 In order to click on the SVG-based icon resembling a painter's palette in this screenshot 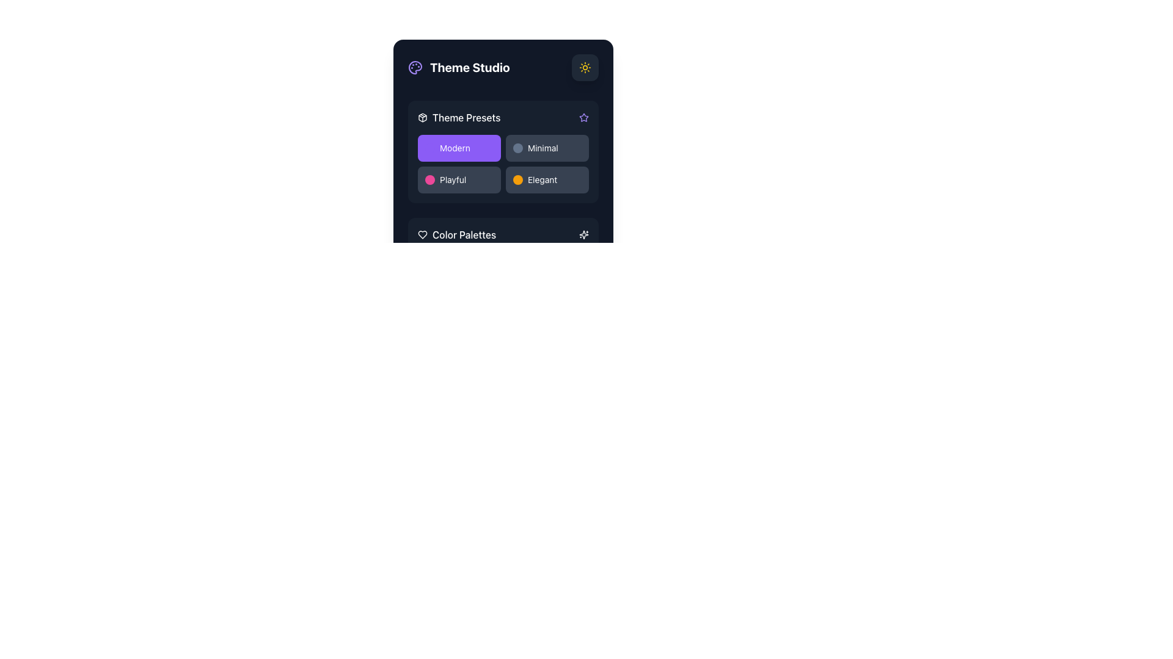, I will do `click(415, 68)`.